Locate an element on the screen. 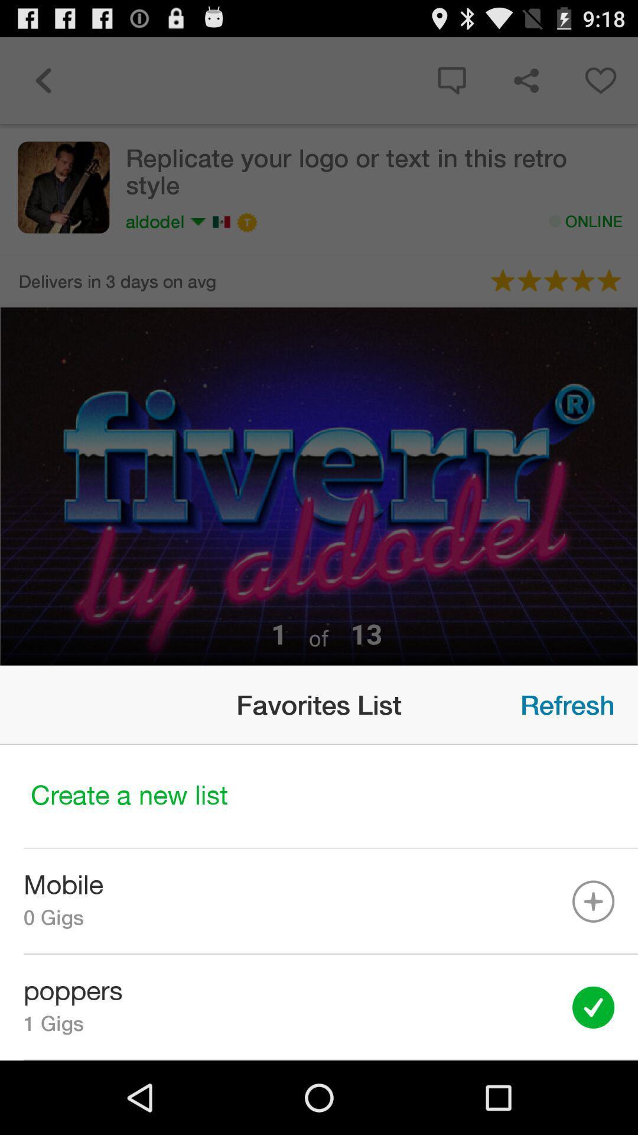 This screenshot has height=1135, width=638. icon to the right of favorites list icon is located at coordinates (567, 705).